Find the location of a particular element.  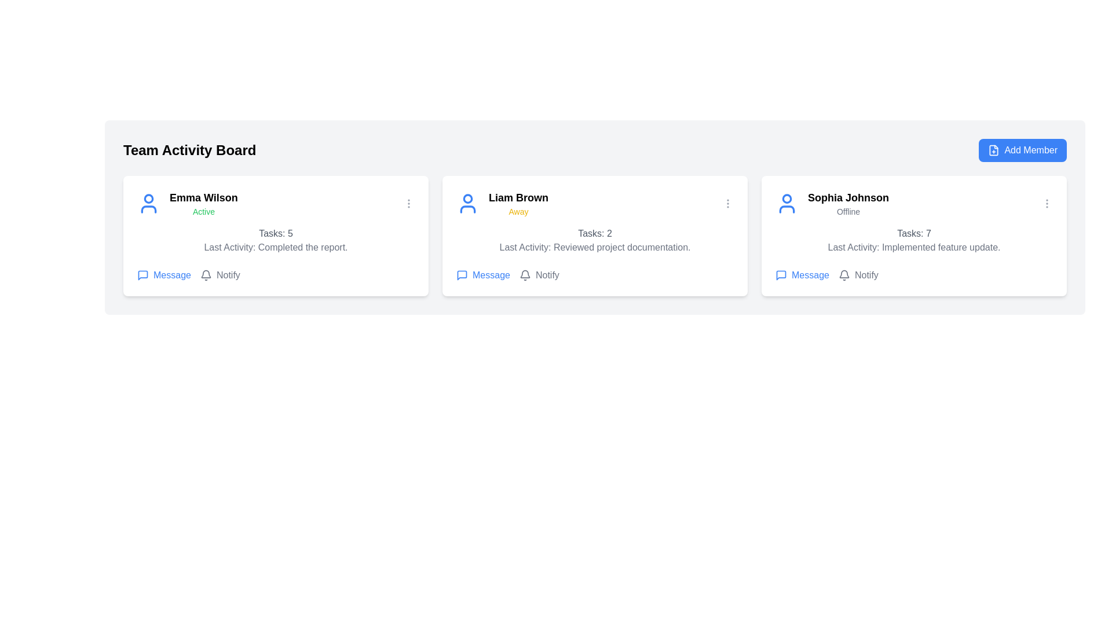

the text label displaying 'Sophia Johnson' is located at coordinates (848, 203).